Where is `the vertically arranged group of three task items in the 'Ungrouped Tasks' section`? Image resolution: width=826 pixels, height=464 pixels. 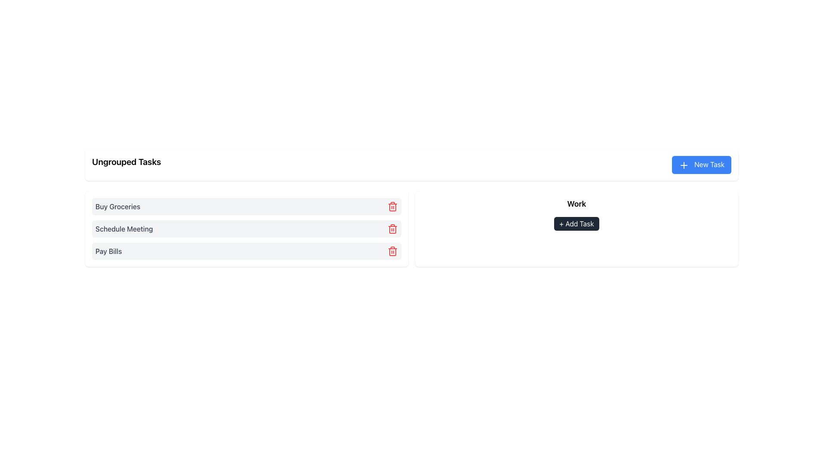
the vertically arranged group of three task items in the 'Ungrouped Tasks' section is located at coordinates (246, 228).